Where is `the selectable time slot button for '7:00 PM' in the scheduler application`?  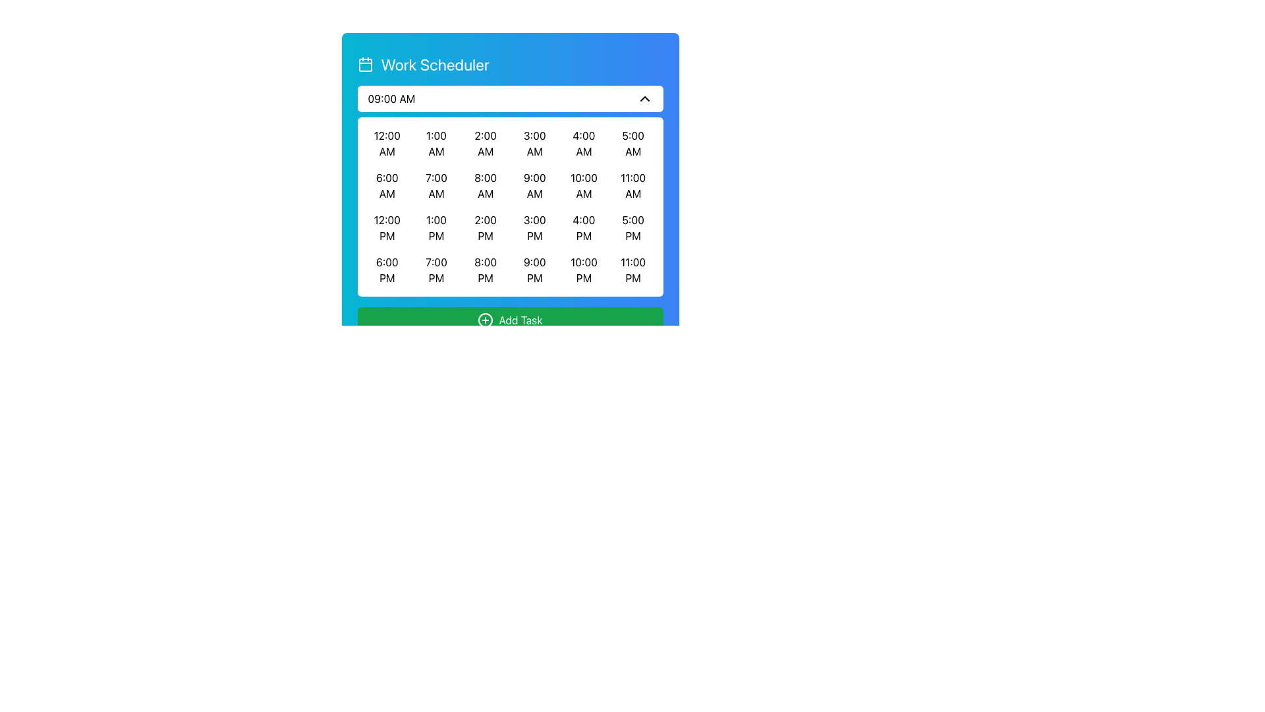
the selectable time slot button for '7:00 PM' in the scheduler application is located at coordinates (436, 269).